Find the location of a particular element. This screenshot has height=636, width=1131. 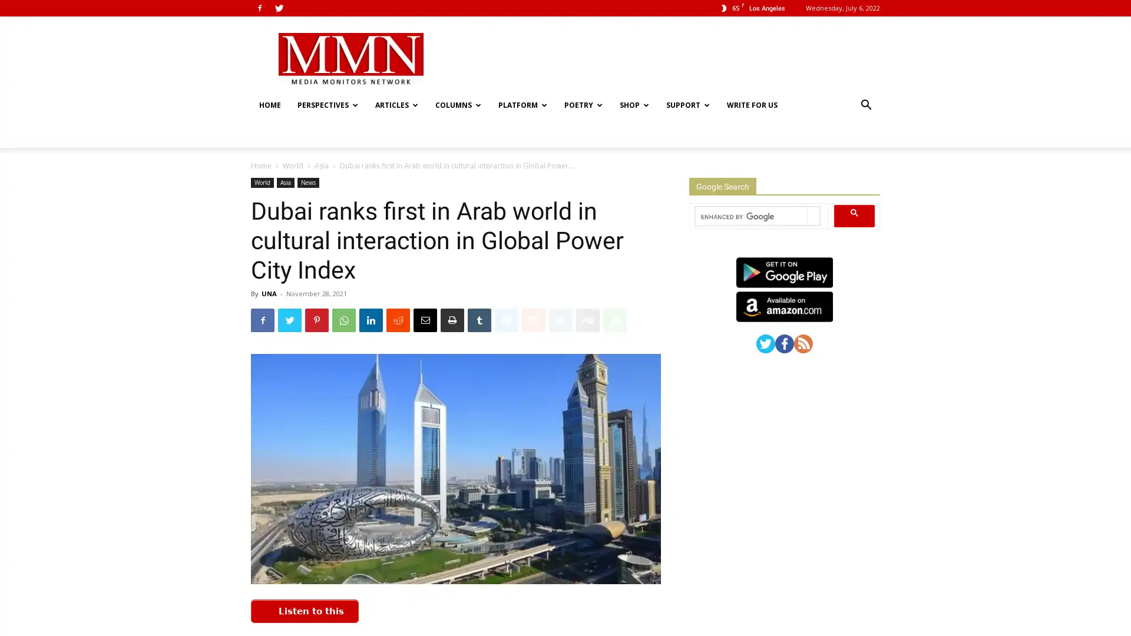

search is located at coordinates (854, 187).